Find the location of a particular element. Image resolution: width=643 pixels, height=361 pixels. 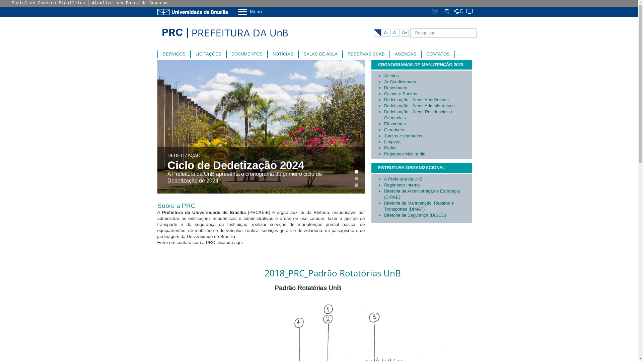

'Limpeza' is located at coordinates (427, 141).